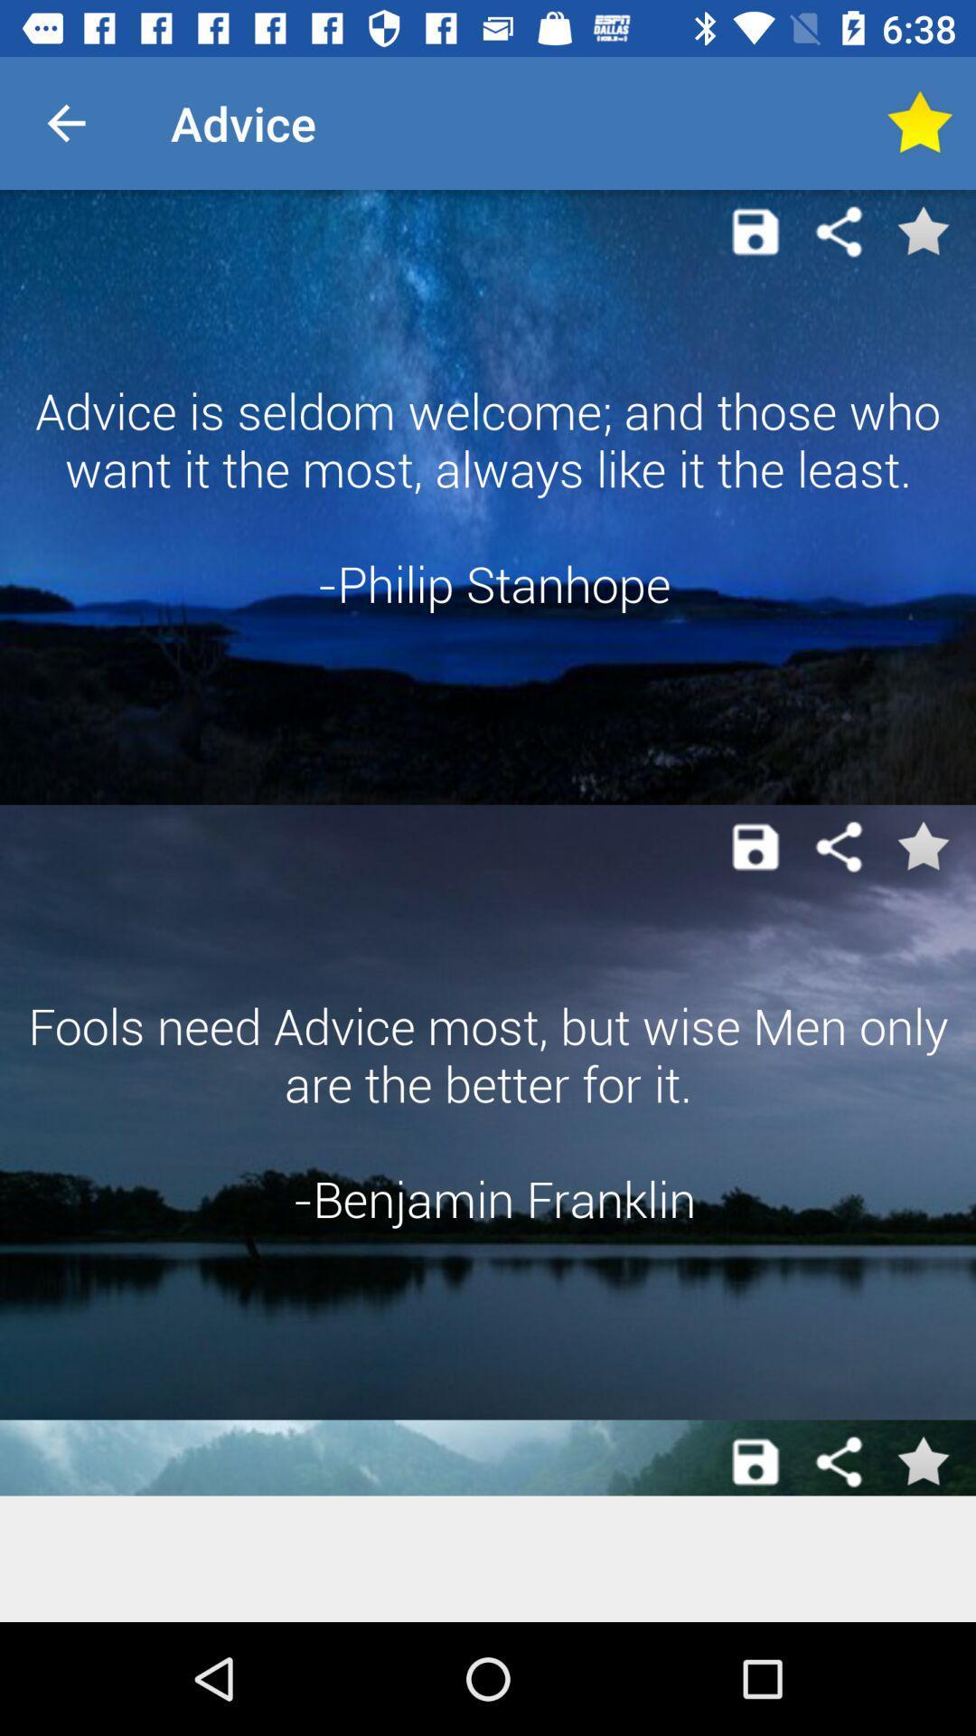 Image resolution: width=976 pixels, height=1736 pixels. What do you see at coordinates (922, 1462) in the screenshot?
I see `favorites button` at bounding box center [922, 1462].